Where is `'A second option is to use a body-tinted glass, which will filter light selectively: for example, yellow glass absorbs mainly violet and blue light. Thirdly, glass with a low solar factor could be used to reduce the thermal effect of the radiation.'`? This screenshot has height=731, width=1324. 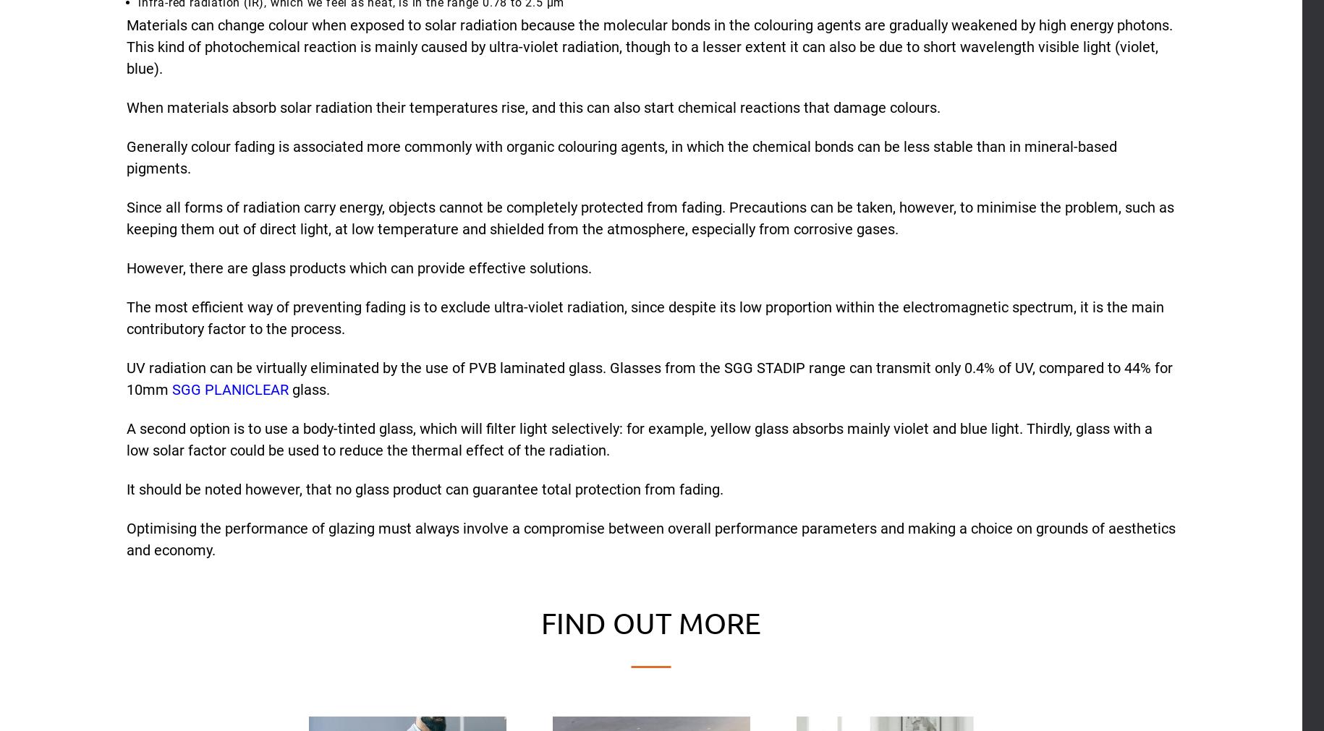 'A second option is to use a body-tinted glass, which will filter light selectively: for example, yellow glass absorbs mainly violet and blue light. Thirdly, glass with a low solar factor could be used to reduce the thermal effect of the radiation.' is located at coordinates (640, 439).